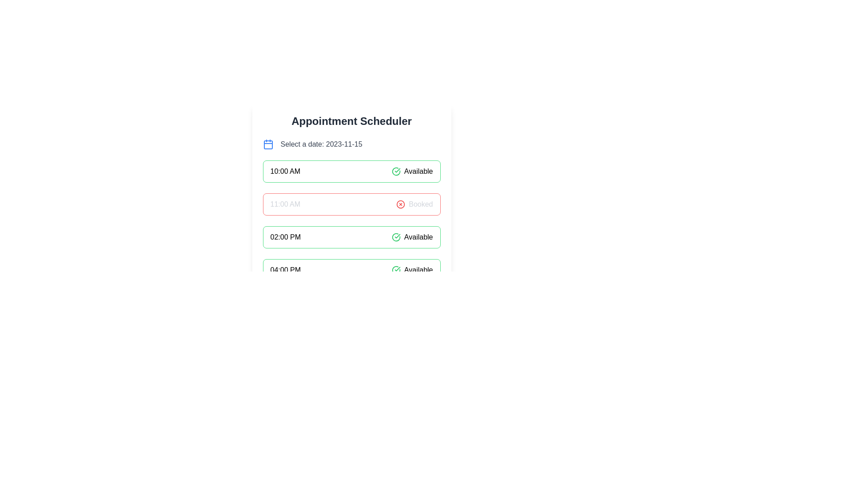 The width and height of the screenshot is (853, 480). I want to click on the green outlined circular icon with a checkmark symbol indicating availability, located next to the text 'Available' in the upper-right corner of the first time slot's row in the appointment scheduler interface, so click(395, 270).